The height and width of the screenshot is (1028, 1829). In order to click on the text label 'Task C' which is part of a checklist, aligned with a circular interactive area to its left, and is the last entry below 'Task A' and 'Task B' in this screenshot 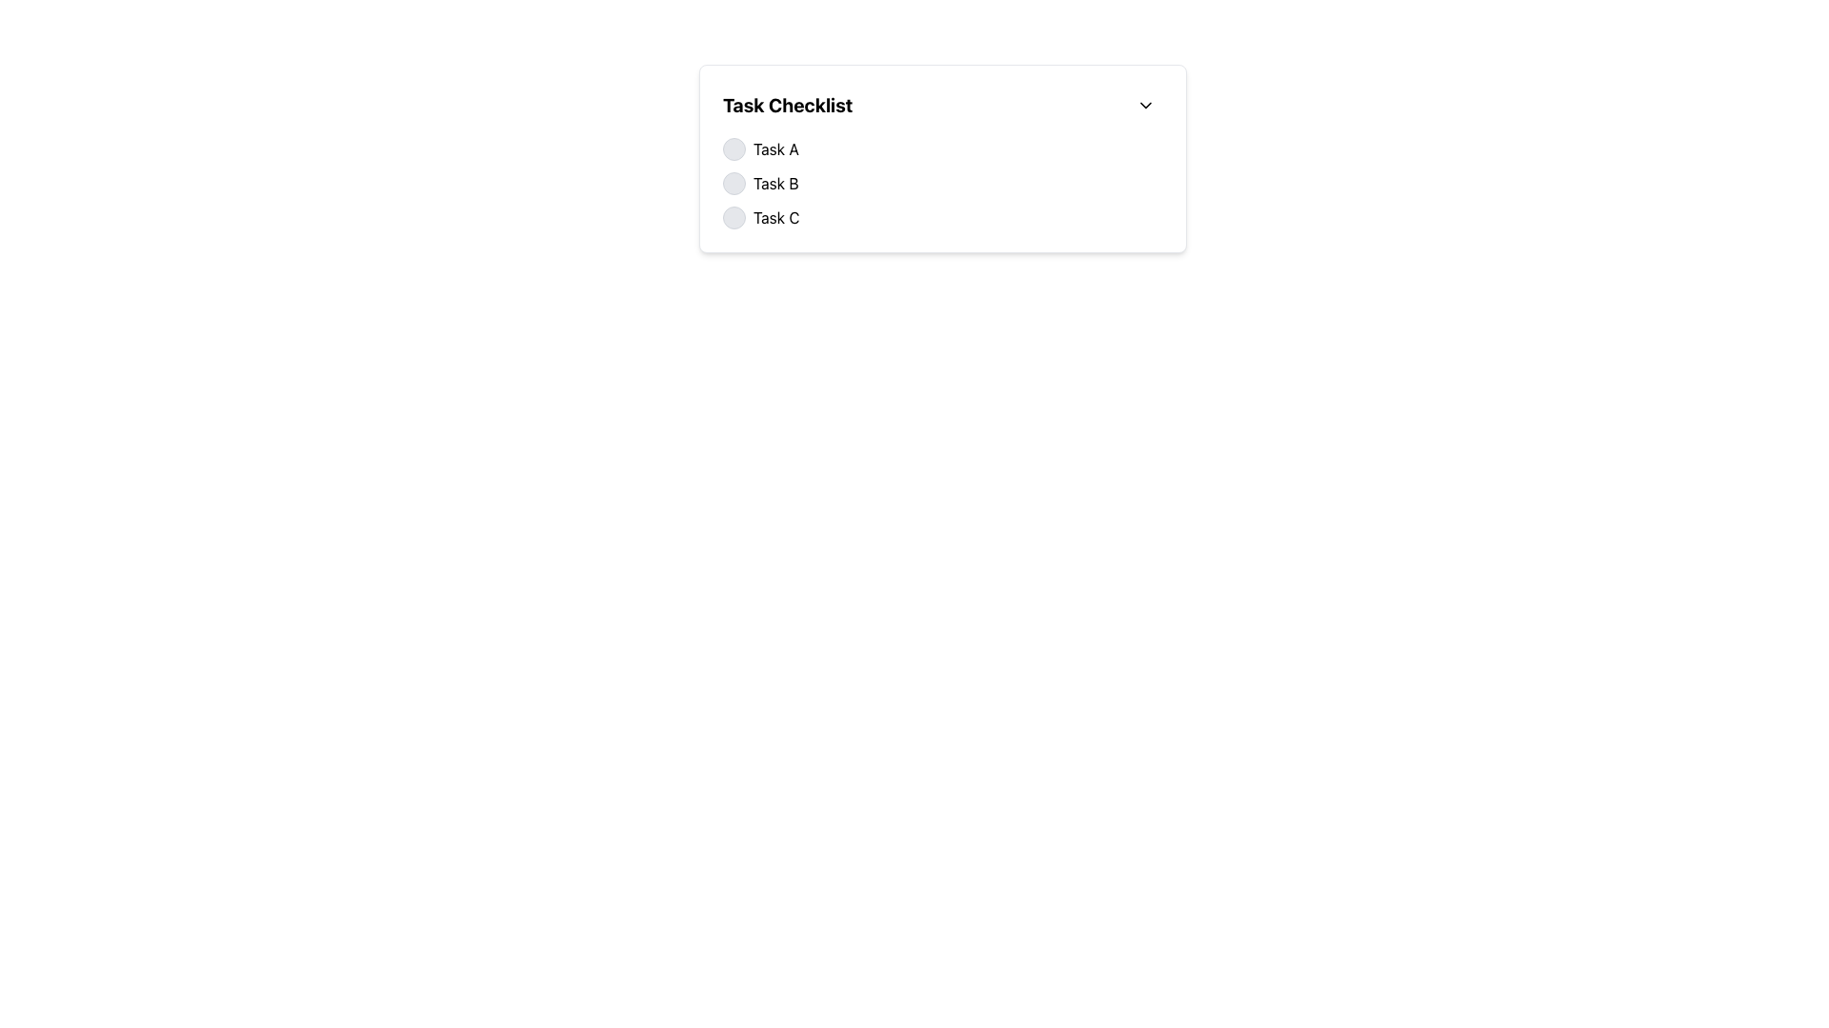, I will do `click(776, 216)`.